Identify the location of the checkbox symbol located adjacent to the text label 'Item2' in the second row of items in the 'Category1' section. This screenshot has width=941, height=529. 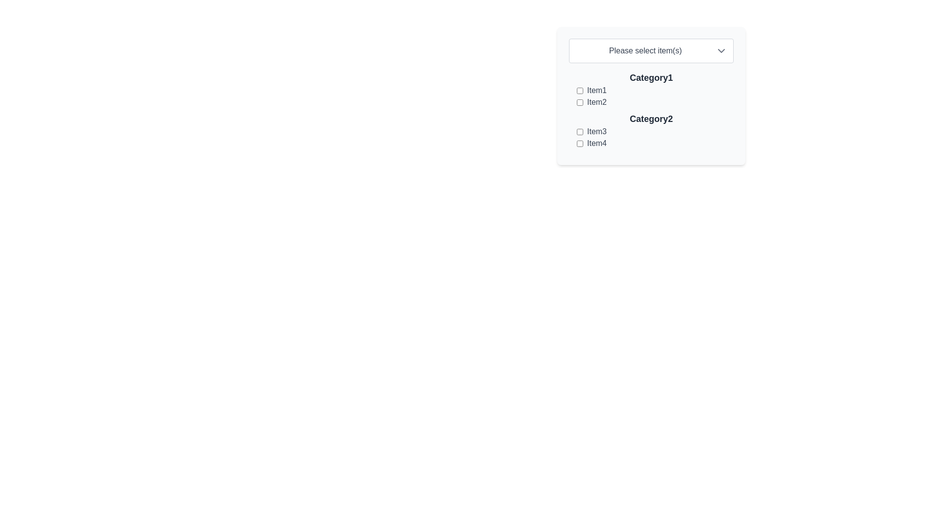
(580, 102).